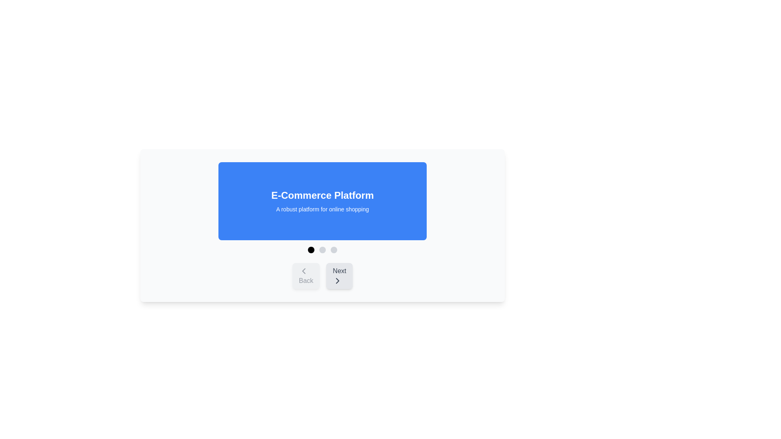 The image size is (781, 439). Describe the element at coordinates (322, 249) in the screenshot. I see `the second Navigation Dot located below the blue box` at that location.